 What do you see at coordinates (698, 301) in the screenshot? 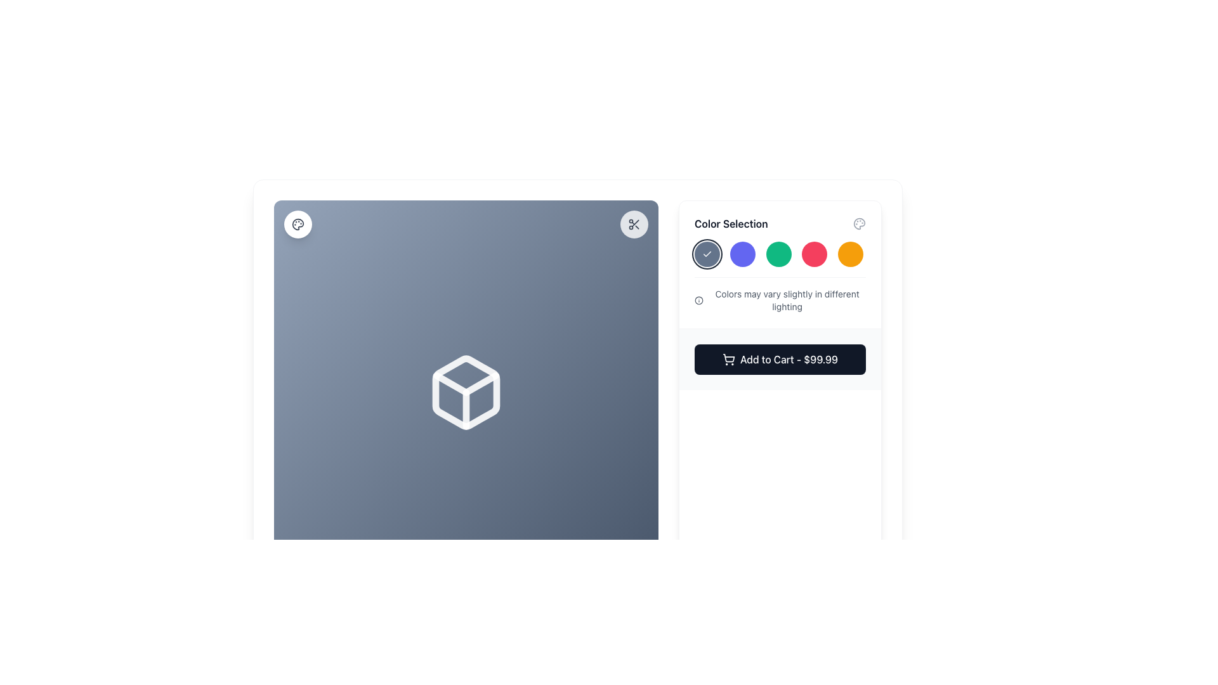
I see `the circular outline of the 'info' icon located in the top-right section of the main panel` at bounding box center [698, 301].